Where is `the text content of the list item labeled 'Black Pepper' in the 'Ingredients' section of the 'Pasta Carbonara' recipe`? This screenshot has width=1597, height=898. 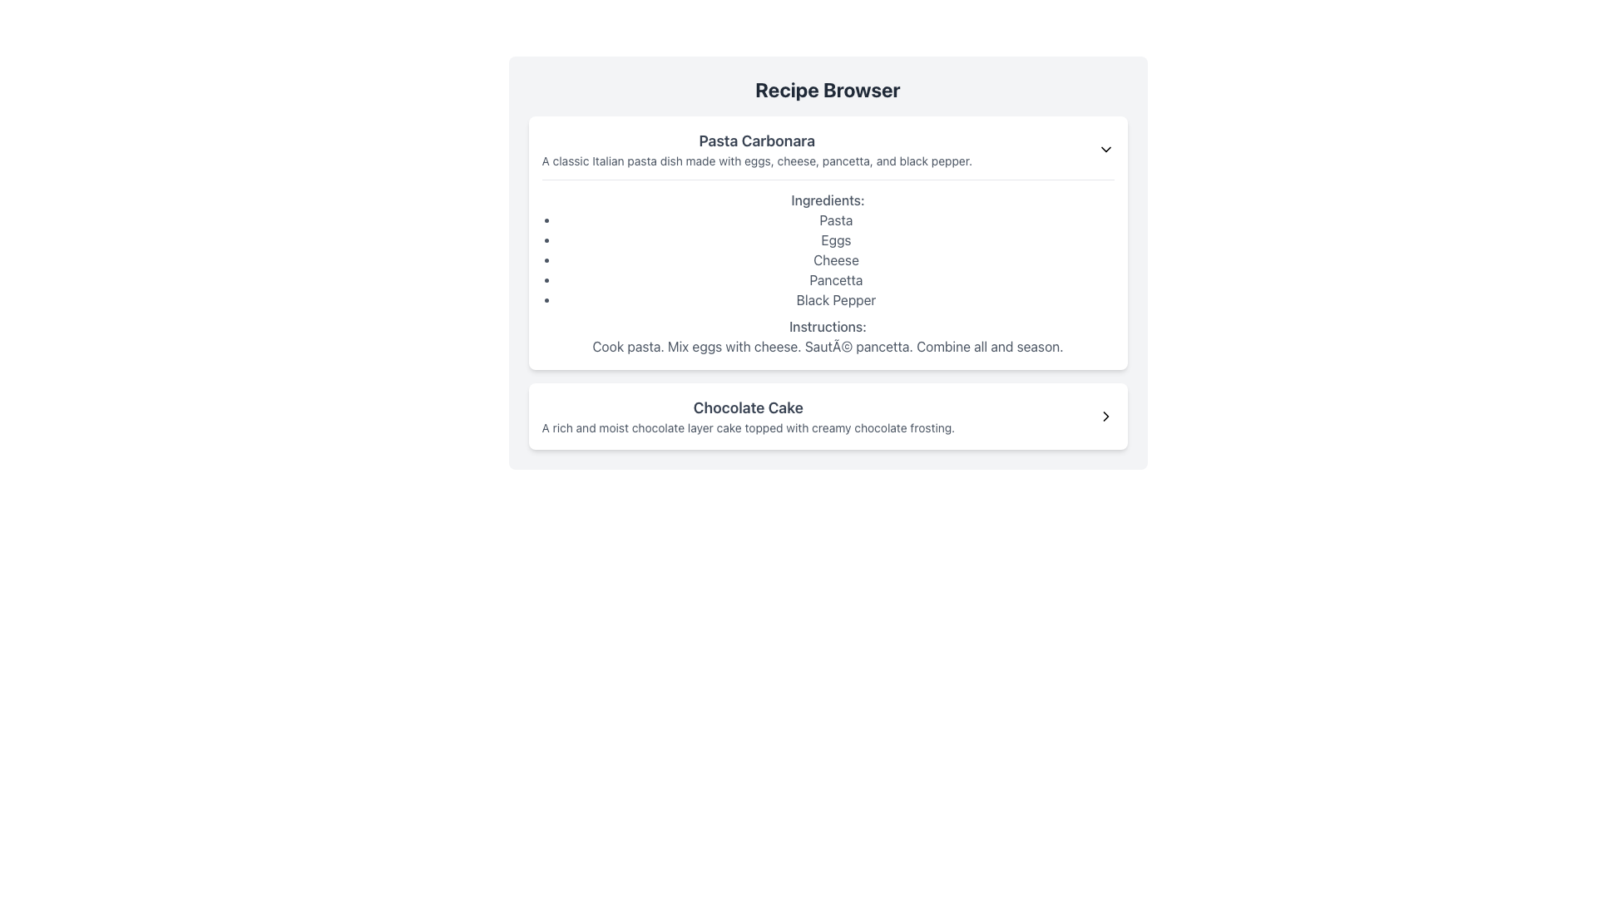 the text content of the list item labeled 'Black Pepper' in the 'Ingredients' section of the 'Pasta Carbonara' recipe is located at coordinates (836, 300).